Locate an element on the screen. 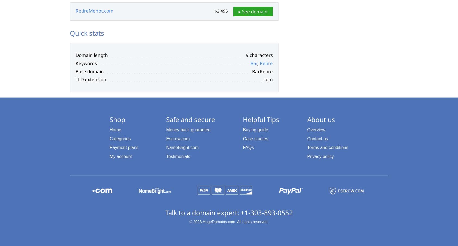 This screenshot has width=458, height=246. 'Keywords' is located at coordinates (86, 63).